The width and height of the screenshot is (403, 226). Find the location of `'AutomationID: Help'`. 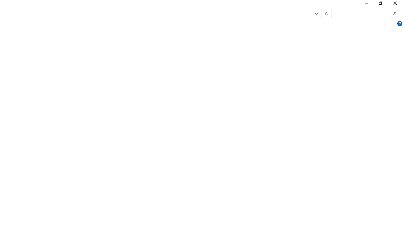

'AutomationID: Help' is located at coordinates (399, 23).